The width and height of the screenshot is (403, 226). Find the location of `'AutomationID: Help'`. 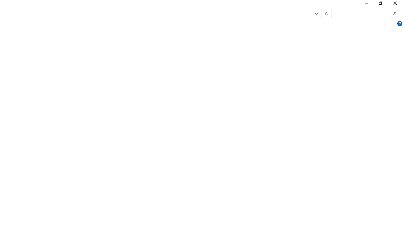

'AutomationID: Help' is located at coordinates (399, 23).